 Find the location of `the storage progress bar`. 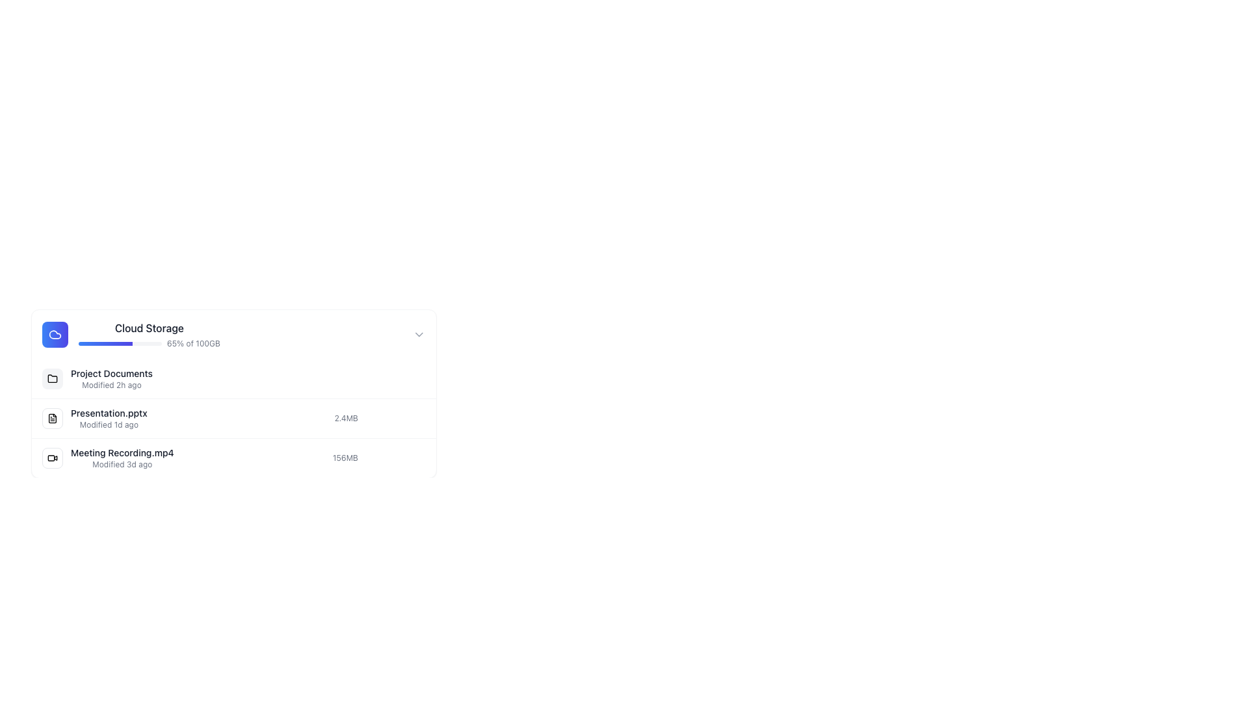

the storage progress bar is located at coordinates (109, 343).